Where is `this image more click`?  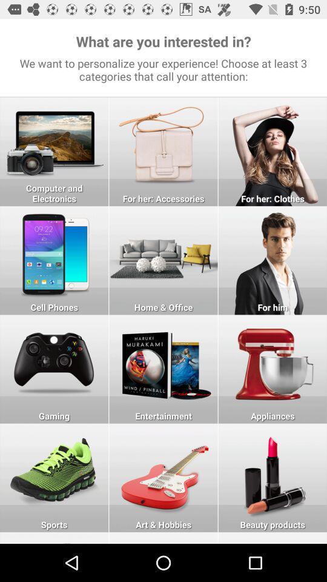
this image more click is located at coordinates (272, 260).